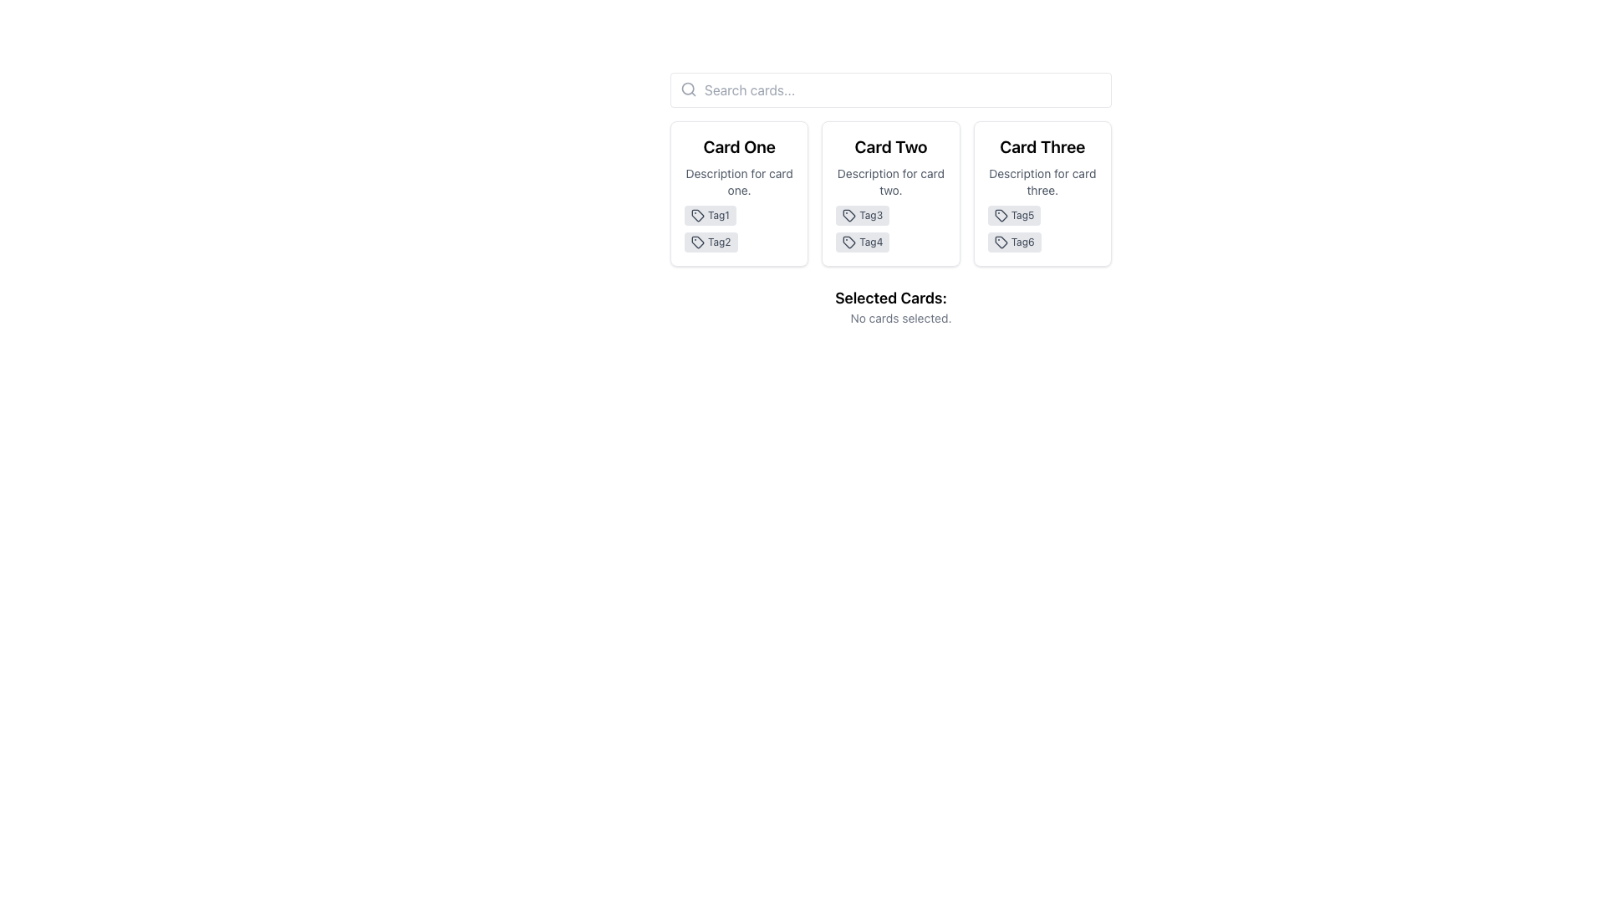 Image resolution: width=1605 pixels, height=903 pixels. What do you see at coordinates (688, 89) in the screenshot?
I see `the SVG circle element located in the upper-left corner of the search bar, which resembles a small graphical icon` at bounding box center [688, 89].